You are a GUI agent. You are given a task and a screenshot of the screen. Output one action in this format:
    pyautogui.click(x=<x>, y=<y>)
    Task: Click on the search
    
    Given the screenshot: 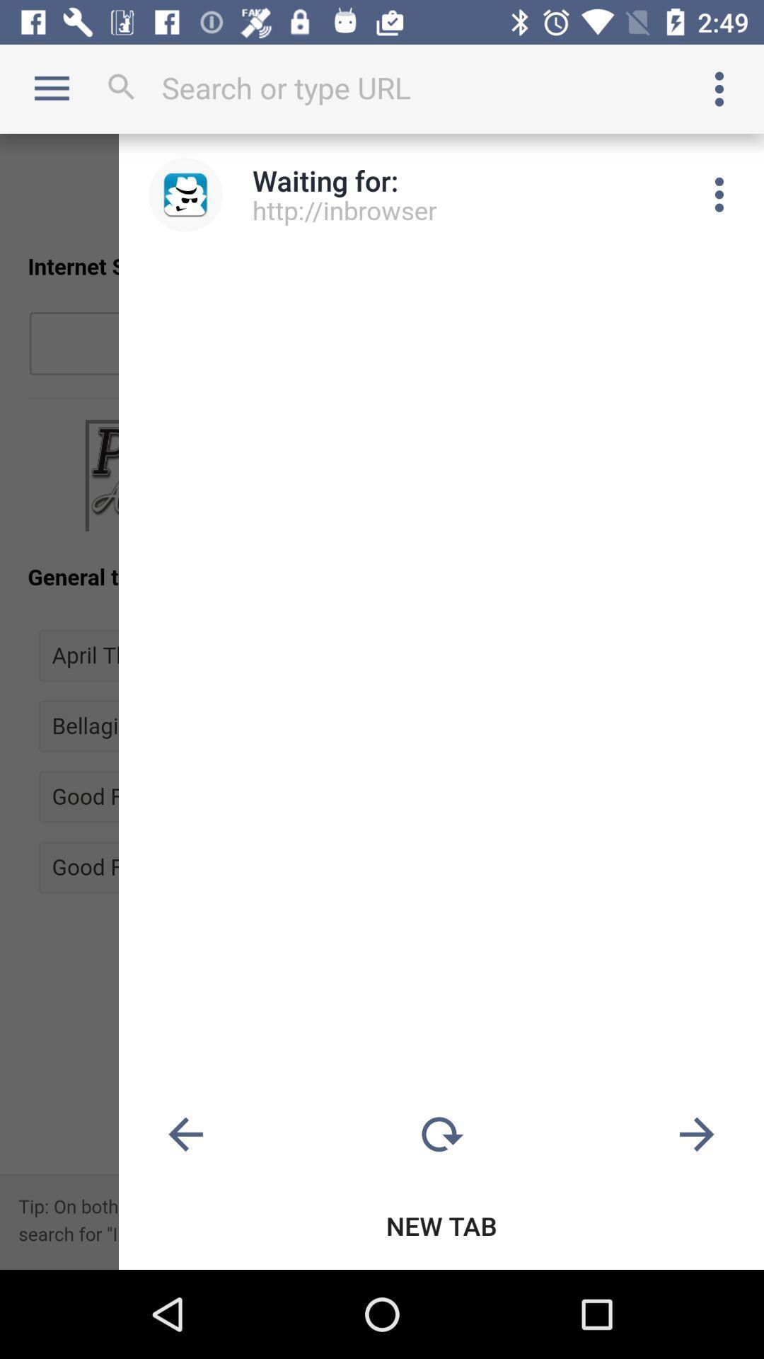 What is the action you would take?
    pyautogui.click(x=382, y=87)
    